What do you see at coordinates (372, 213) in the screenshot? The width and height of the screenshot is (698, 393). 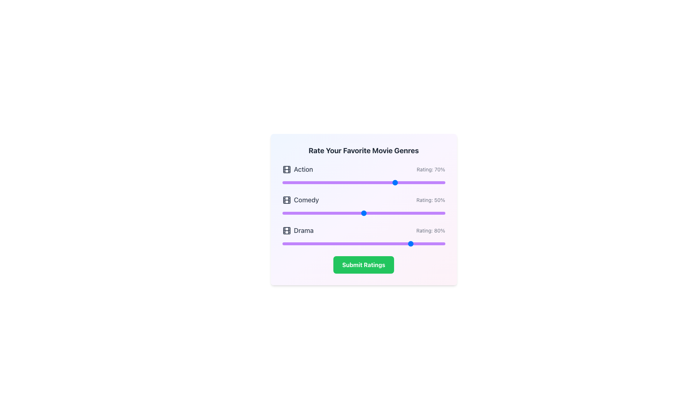 I see `the slider` at bounding box center [372, 213].